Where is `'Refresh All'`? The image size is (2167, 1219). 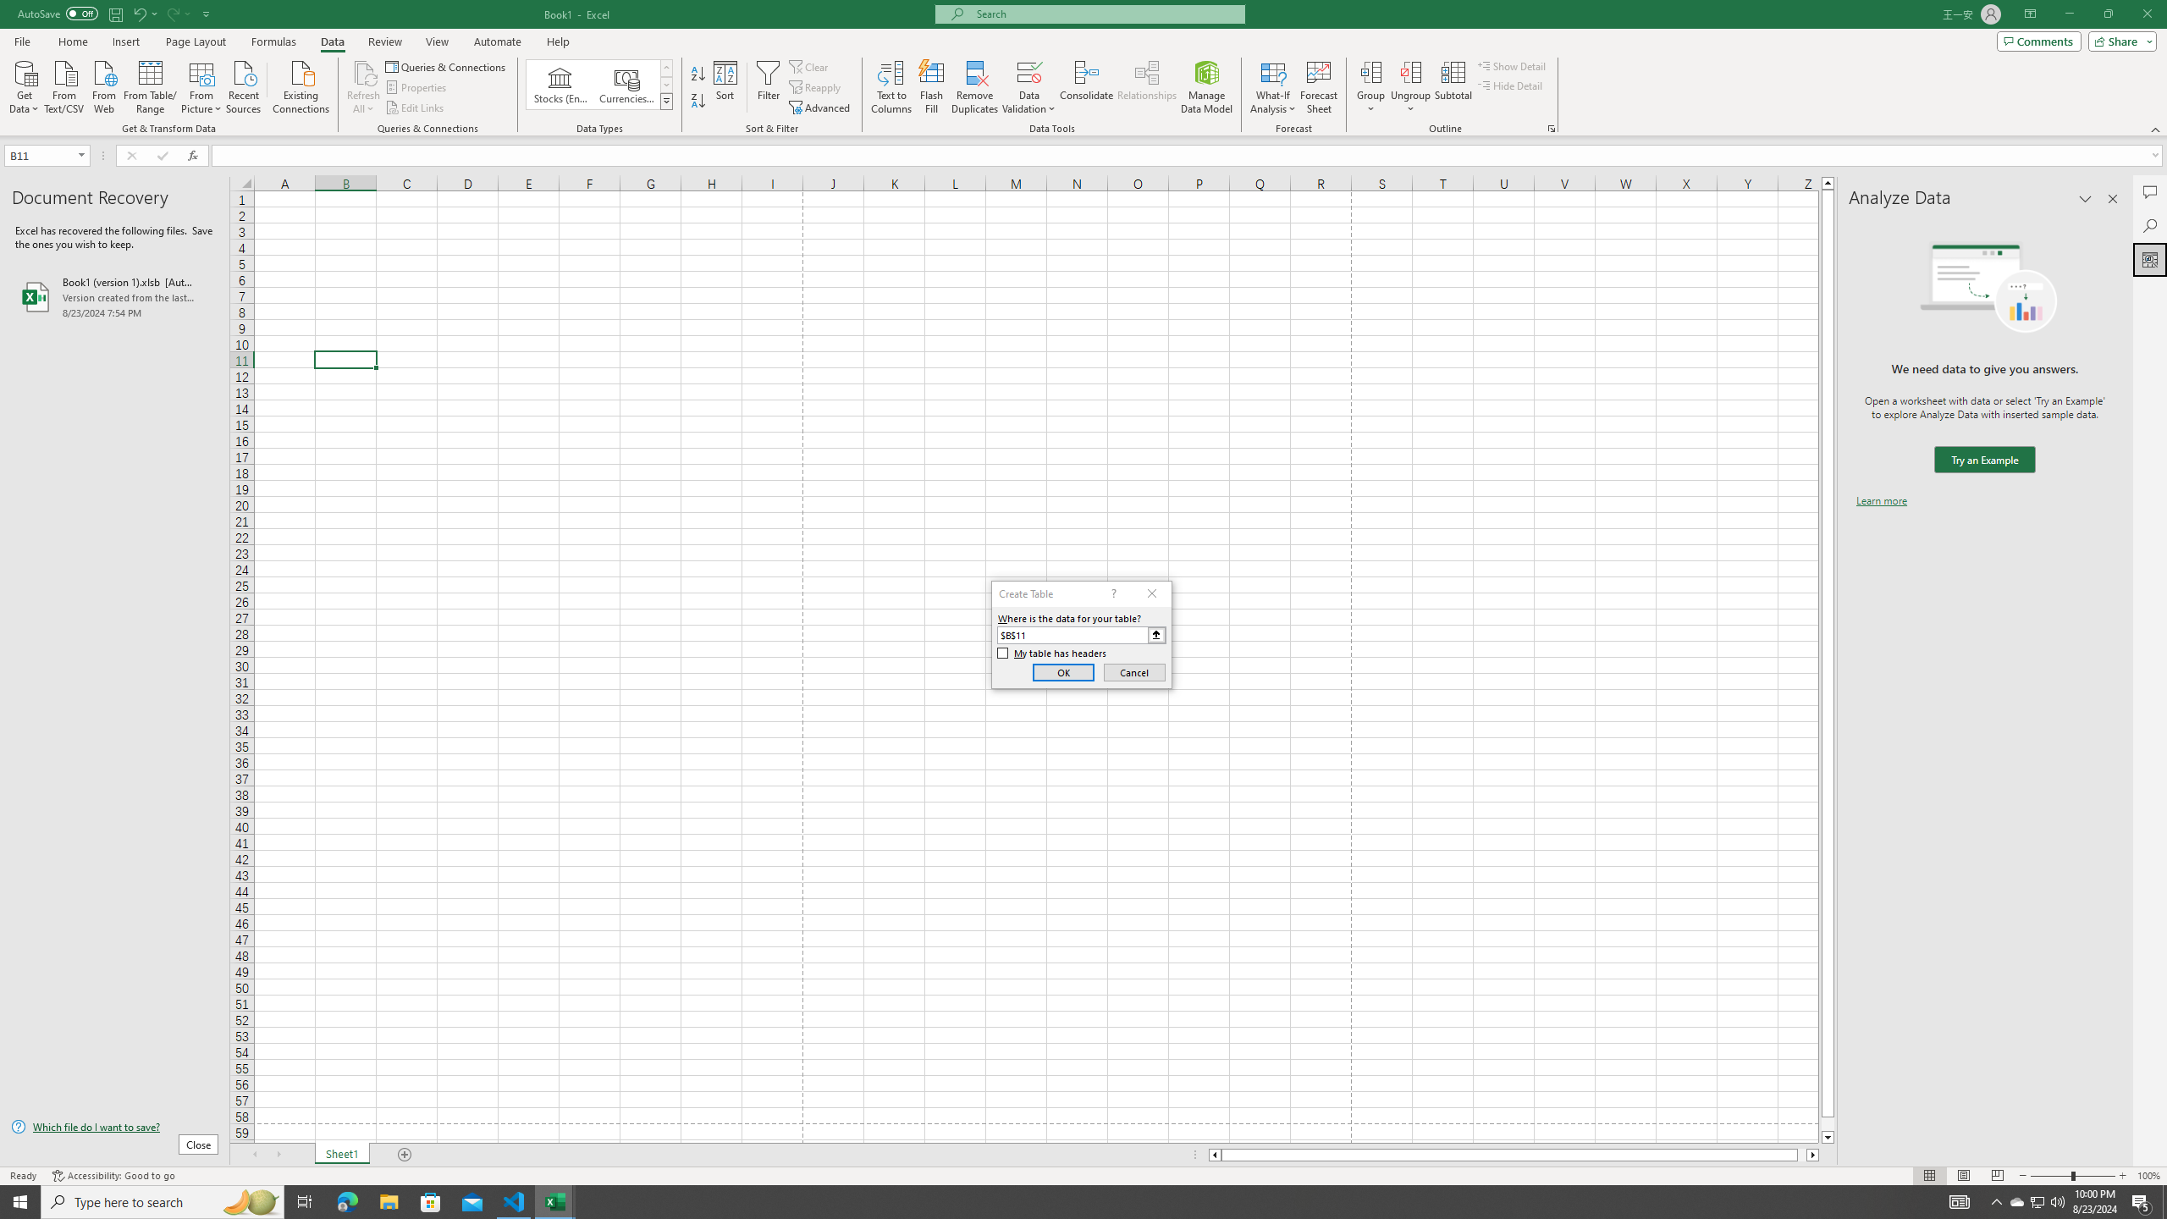 'Refresh All' is located at coordinates (363, 71).